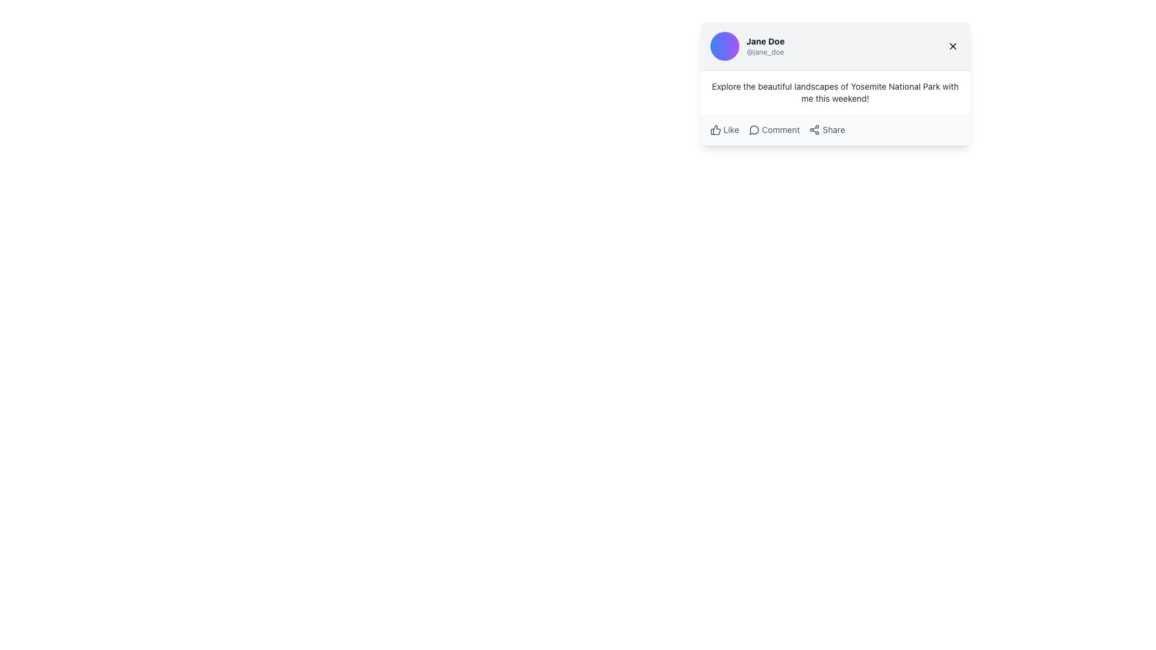 The height and width of the screenshot is (650, 1156). What do you see at coordinates (715, 130) in the screenshot?
I see `the thumbs-up icon that represents the 'Like' feature` at bounding box center [715, 130].